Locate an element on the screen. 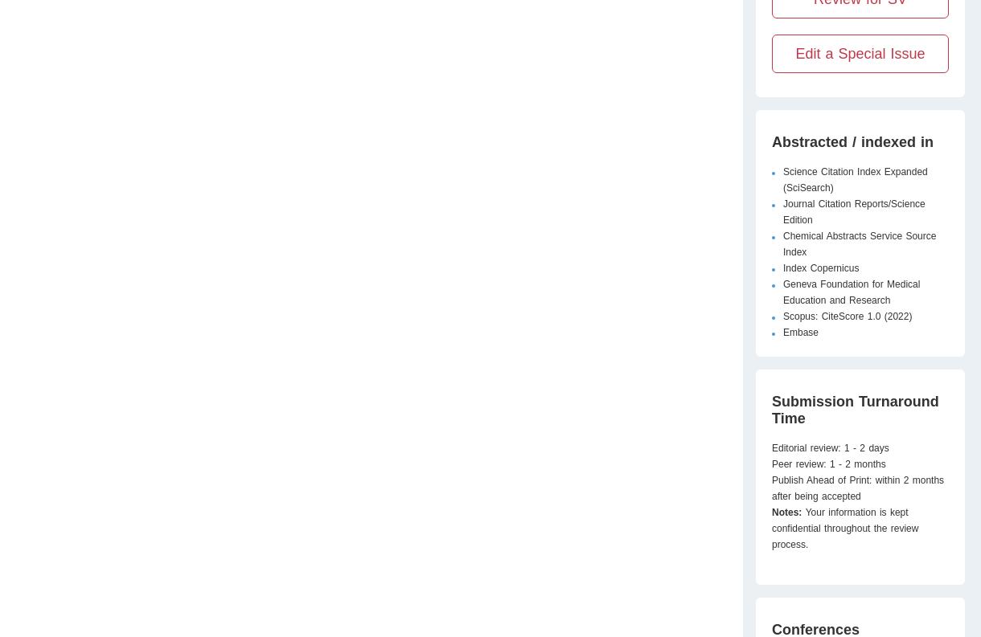  'Scopus: CiteScore 1.0 (2022)' is located at coordinates (847, 315).